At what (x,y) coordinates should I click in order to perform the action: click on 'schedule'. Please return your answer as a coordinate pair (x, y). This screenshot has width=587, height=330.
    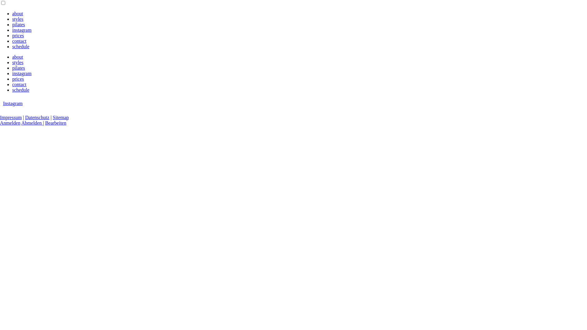
    Looking at the image, I should click on (20, 46).